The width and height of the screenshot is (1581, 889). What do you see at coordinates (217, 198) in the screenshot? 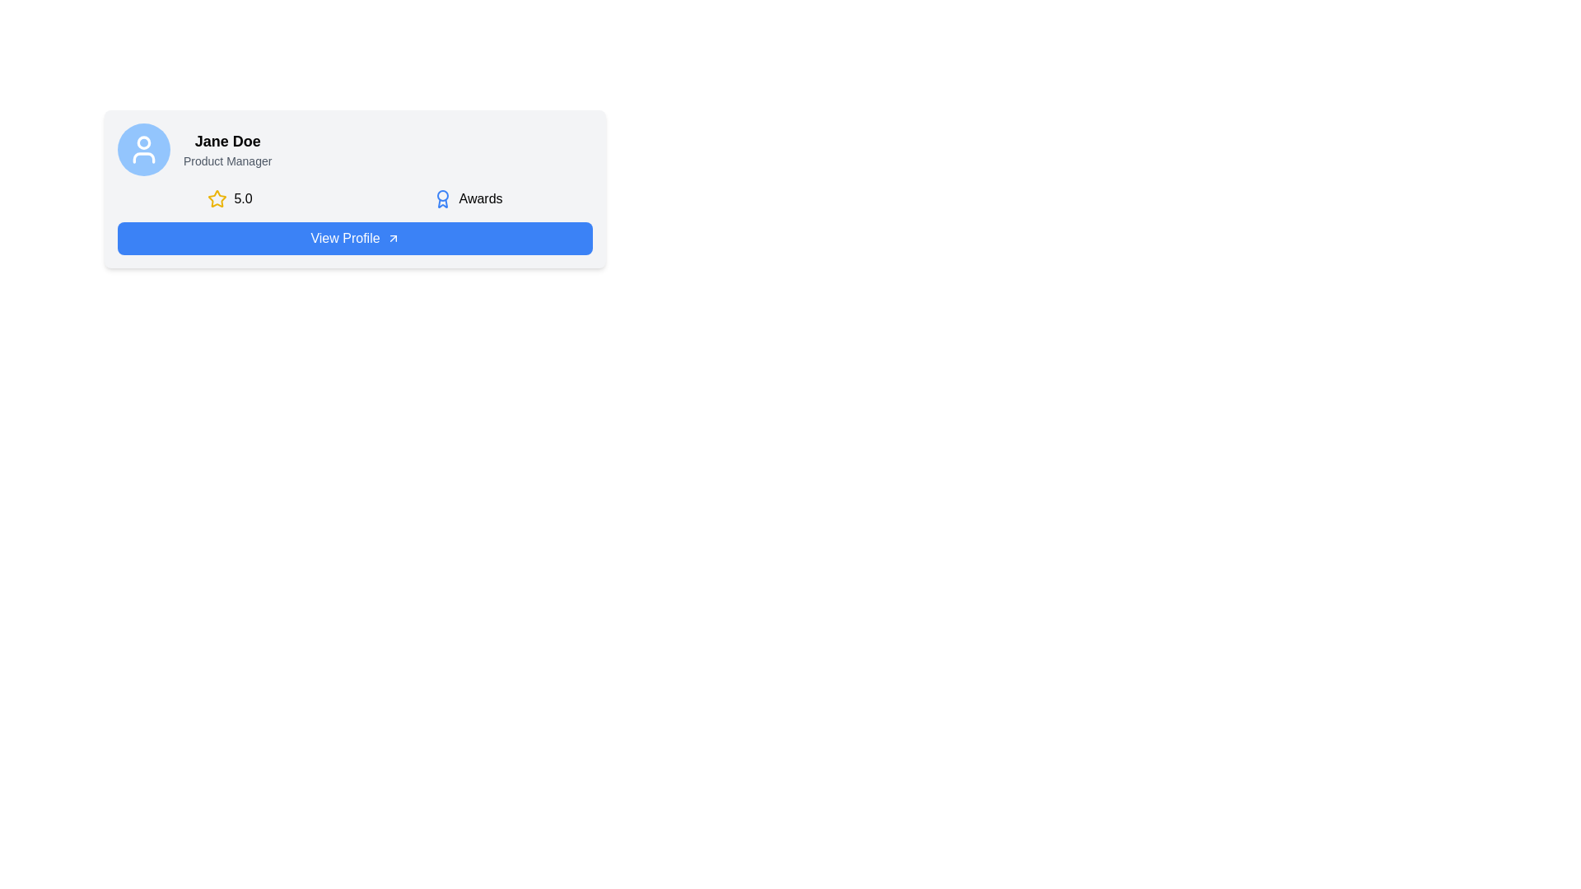
I see `the yellow-bordered, hollowed star icon, which is located to the right of the bold rating number (5.0) in the top-center area of the card interface` at bounding box center [217, 198].